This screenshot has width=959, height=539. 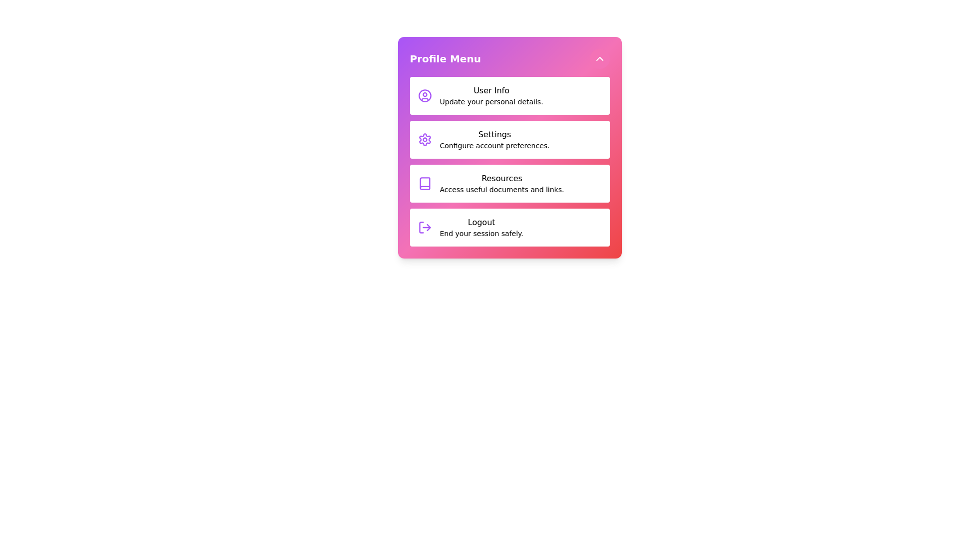 What do you see at coordinates (509, 140) in the screenshot?
I see `the menu item Settings from the profile menu` at bounding box center [509, 140].